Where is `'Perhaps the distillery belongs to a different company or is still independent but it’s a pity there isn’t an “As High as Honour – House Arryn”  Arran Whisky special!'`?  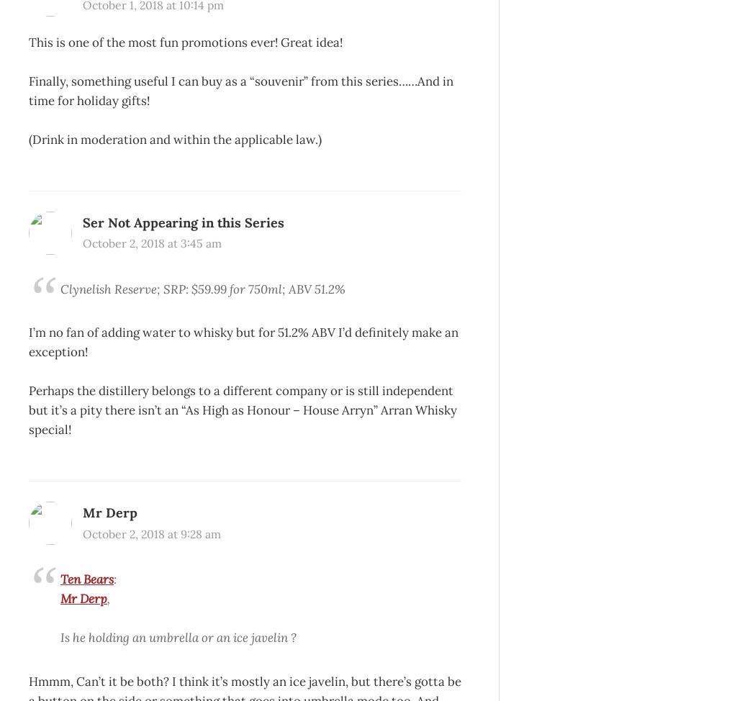 'Perhaps the distillery belongs to a different company or is still independent but it’s a pity there isn’t an “As High as Honour – House Arryn”  Arran Whisky special!' is located at coordinates (243, 409).